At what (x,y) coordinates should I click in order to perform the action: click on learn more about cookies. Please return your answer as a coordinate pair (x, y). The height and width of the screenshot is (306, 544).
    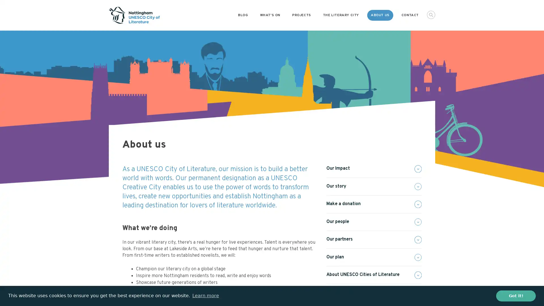
    Looking at the image, I should click on (205, 296).